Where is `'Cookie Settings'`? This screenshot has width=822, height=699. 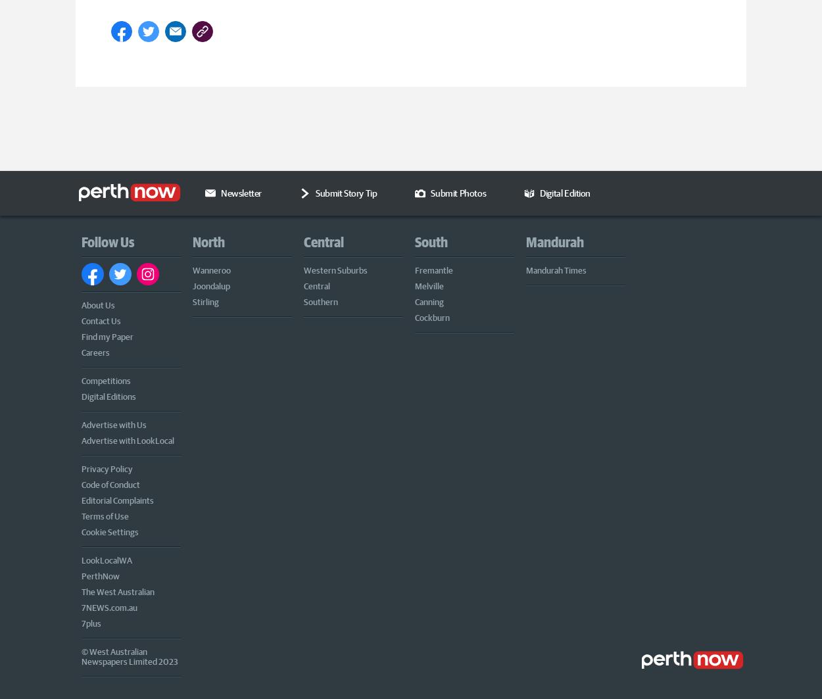
'Cookie Settings' is located at coordinates (110, 530).